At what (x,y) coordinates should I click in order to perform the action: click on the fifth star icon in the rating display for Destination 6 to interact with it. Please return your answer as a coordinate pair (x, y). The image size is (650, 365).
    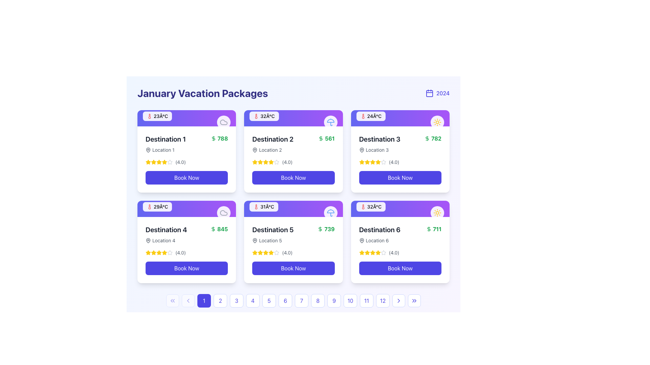
    Looking at the image, I should click on (383, 252).